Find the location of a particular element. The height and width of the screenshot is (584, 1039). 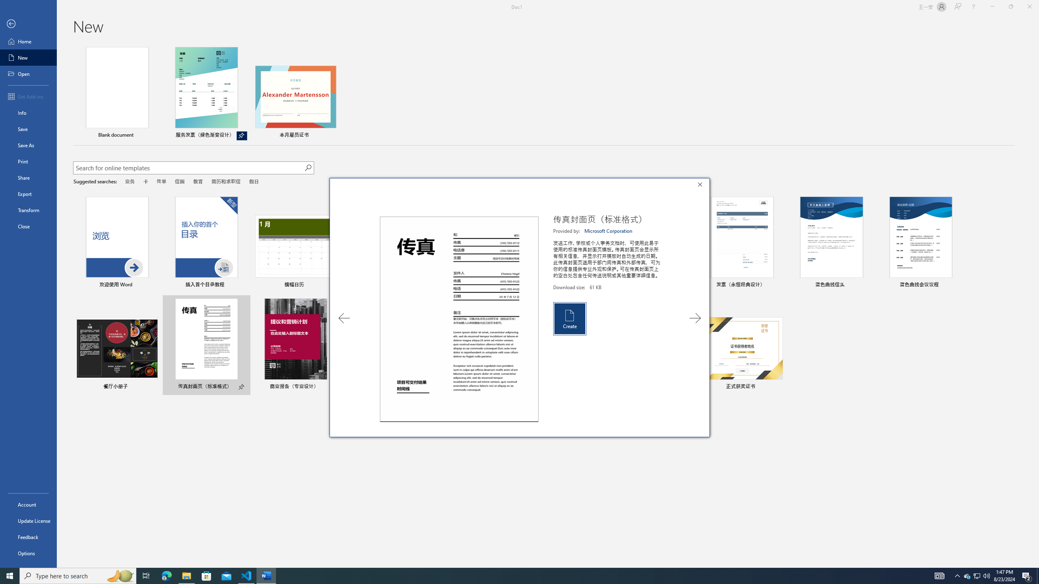

'Word - 1 running window' is located at coordinates (266, 575).